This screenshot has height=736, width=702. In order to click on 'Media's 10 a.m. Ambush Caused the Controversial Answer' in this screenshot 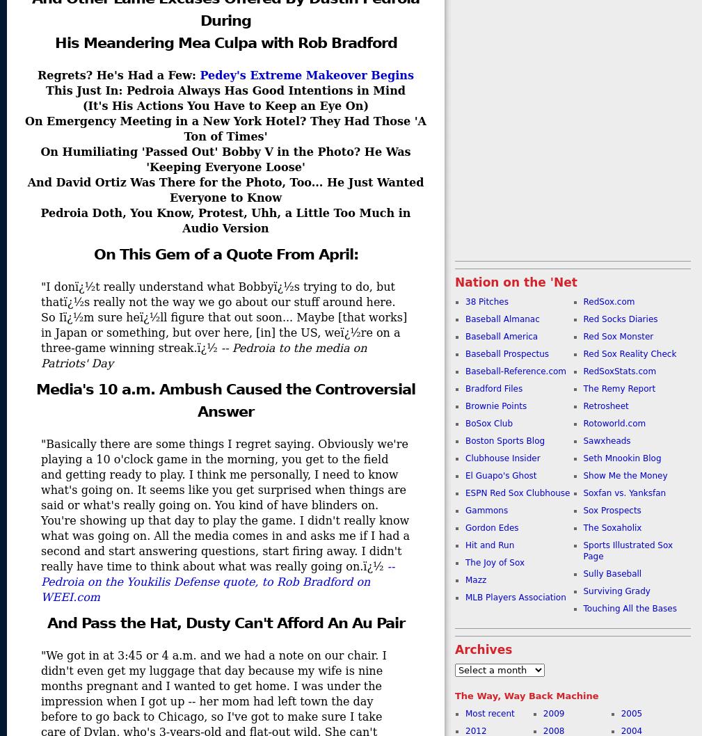, I will do `click(225, 400)`.